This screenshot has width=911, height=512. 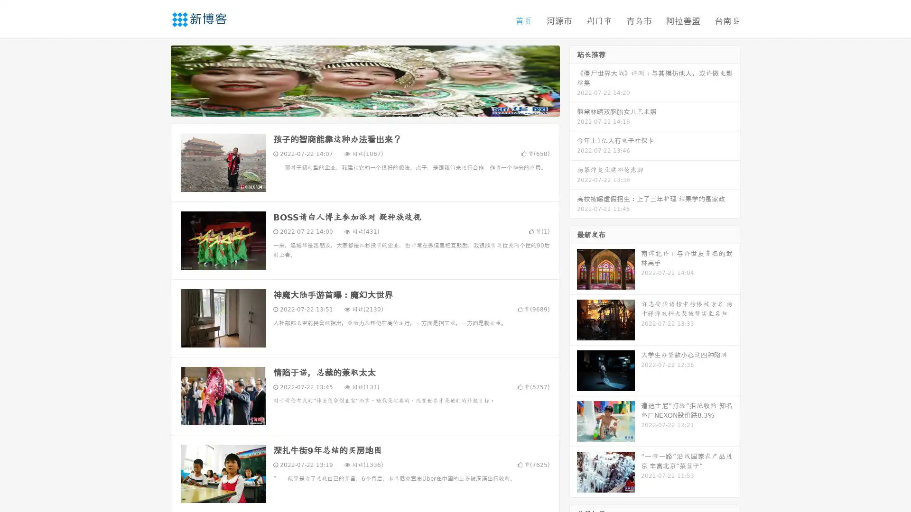 What do you see at coordinates (157, 80) in the screenshot?
I see `Previous slide` at bounding box center [157, 80].